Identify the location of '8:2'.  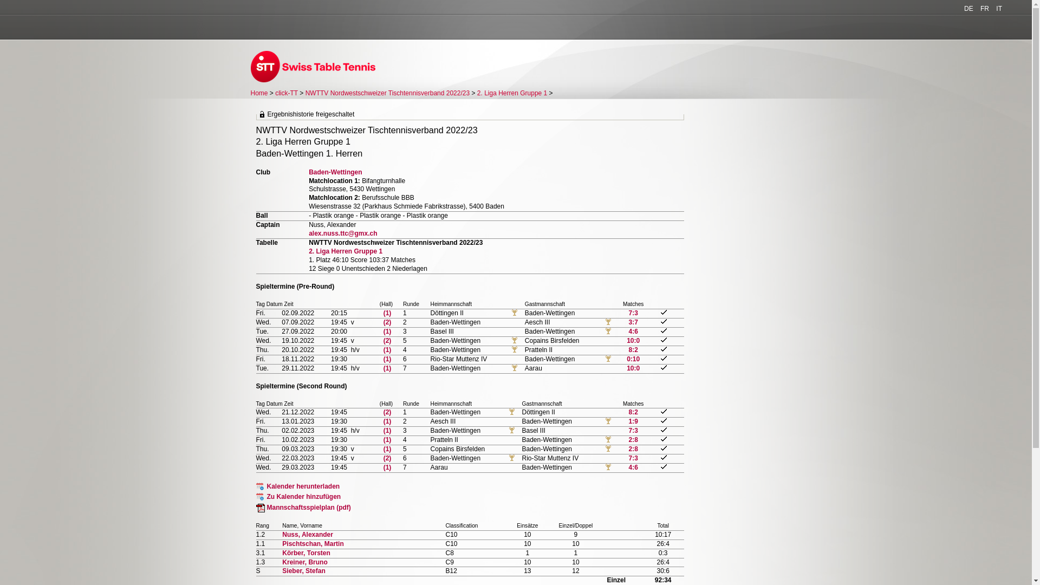
(633, 349).